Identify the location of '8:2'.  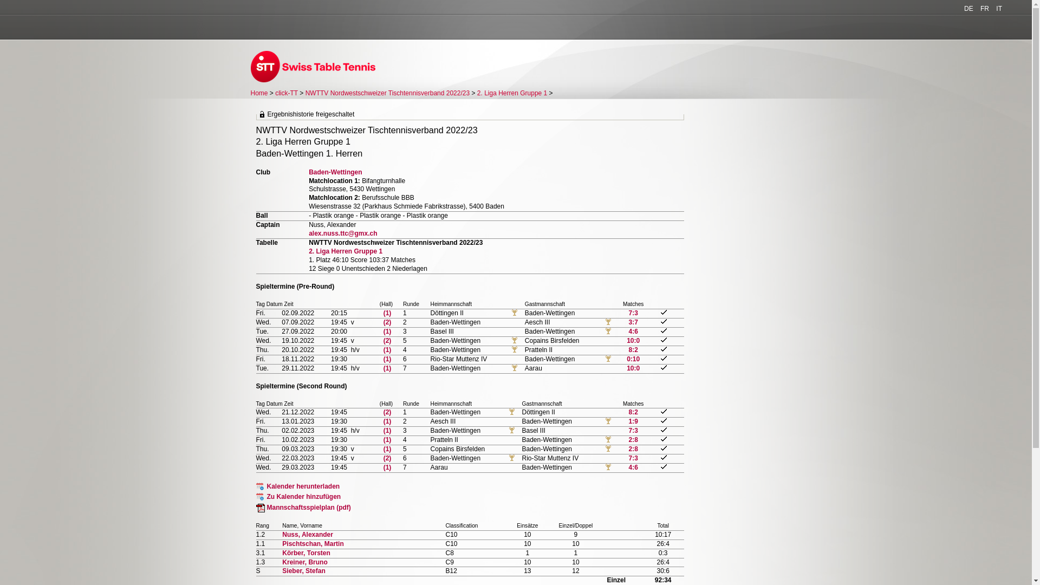
(633, 349).